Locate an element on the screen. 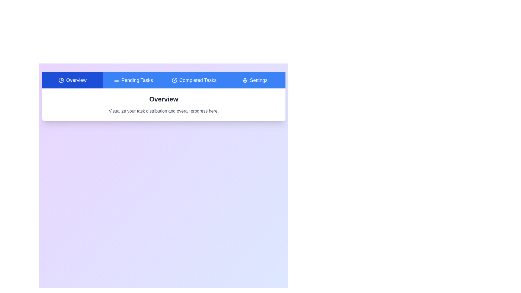 The width and height of the screenshot is (521, 293). the tab labeled Completed Tasks to observe its hover effect is located at coordinates (194, 80).